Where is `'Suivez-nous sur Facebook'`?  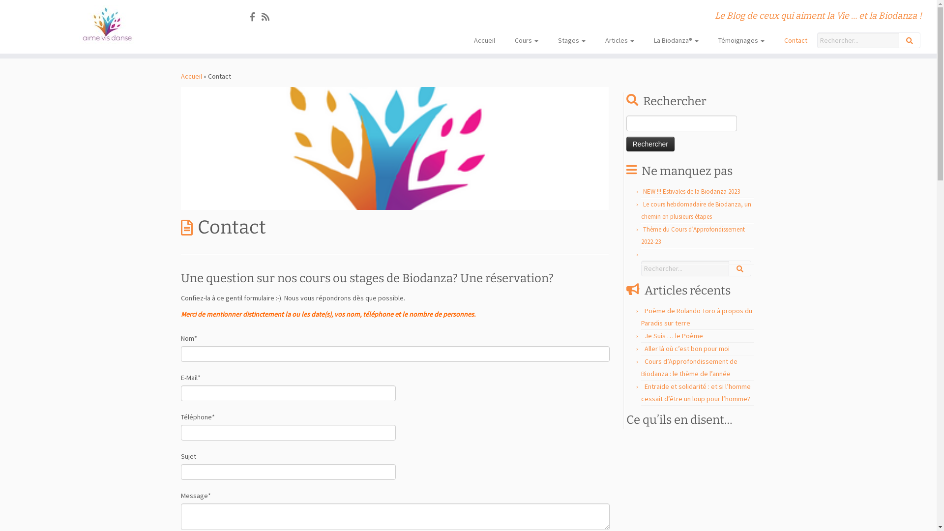 'Suivez-nous sur Facebook' is located at coordinates (255, 17).